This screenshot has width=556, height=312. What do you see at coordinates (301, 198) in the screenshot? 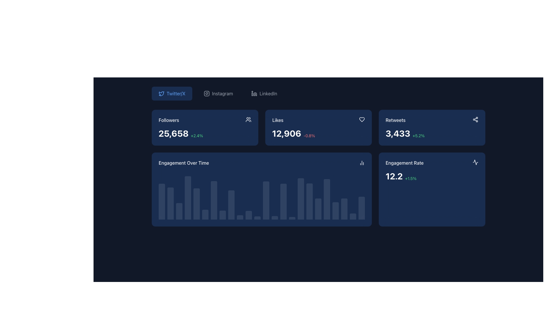
I see `the data visualization bar in the 'Engagement Over Time' bar chart, which is the seventeenth bar from the left` at bounding box center [301, 198].